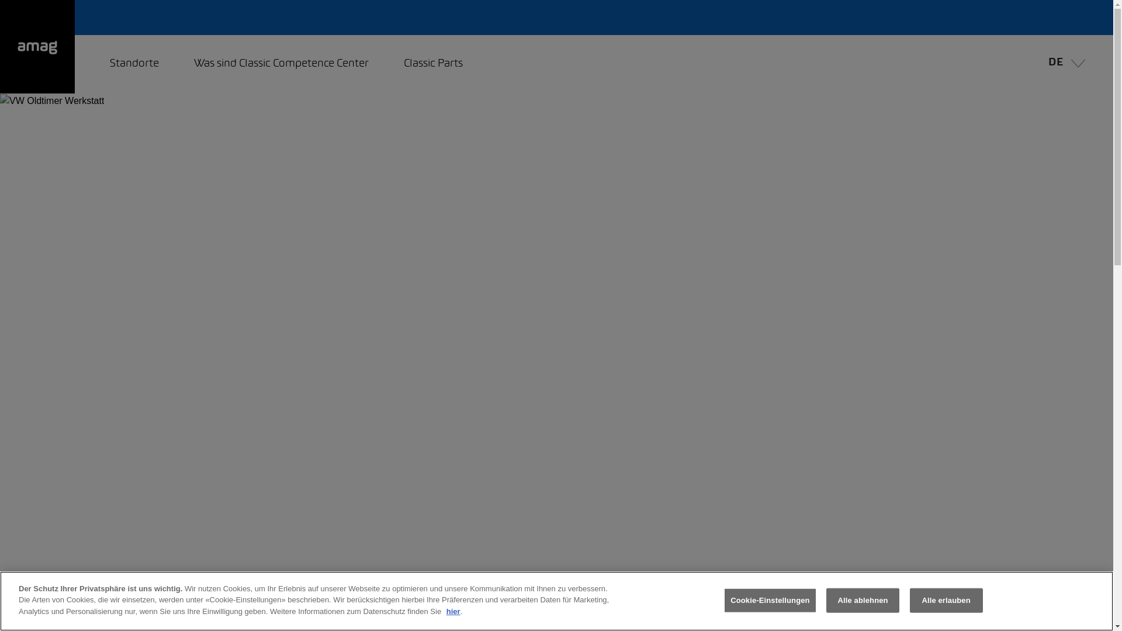  I want to click on 'Alle erlauben', so click(909, 601).